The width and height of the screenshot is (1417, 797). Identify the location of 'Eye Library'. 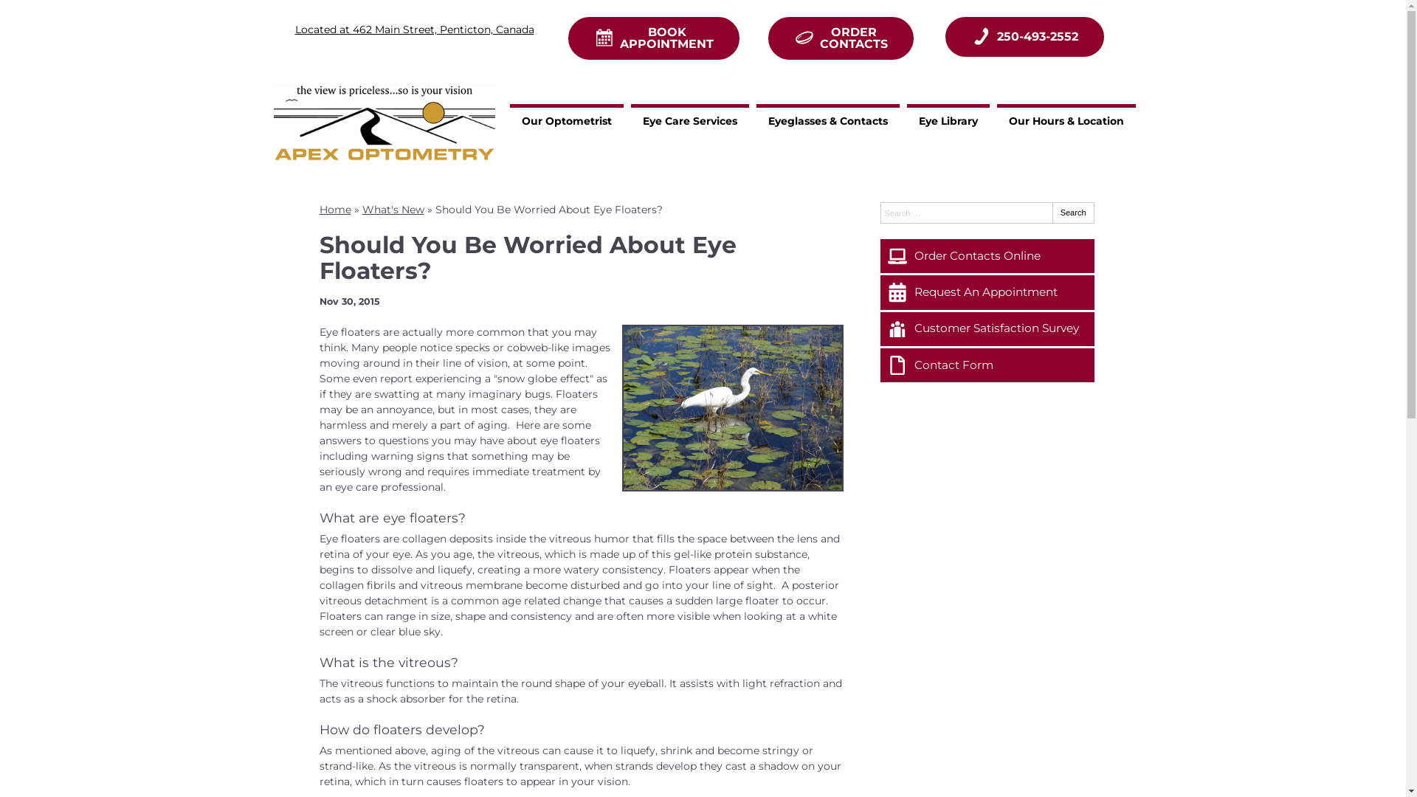
(948, 119).